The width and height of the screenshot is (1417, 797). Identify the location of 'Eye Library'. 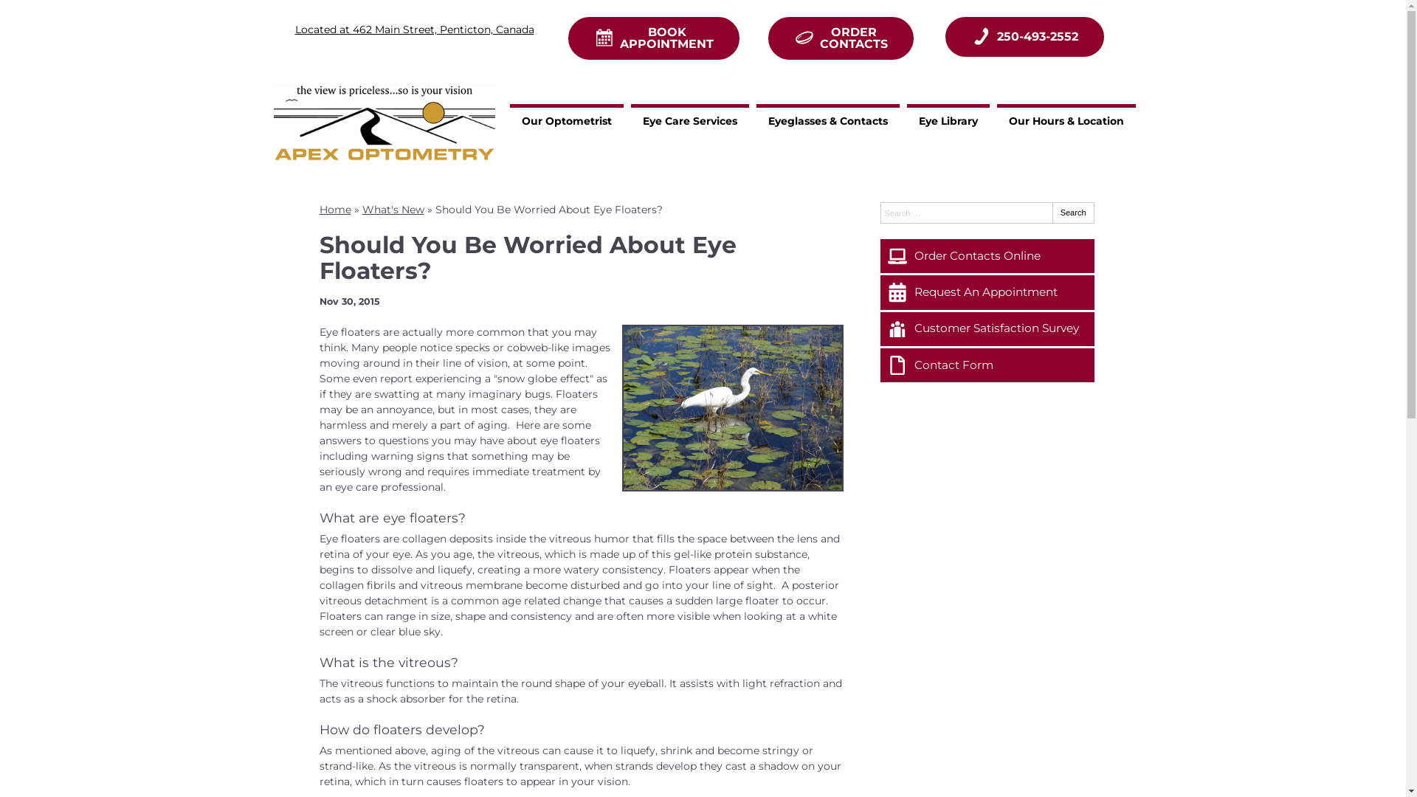
(948, 119).